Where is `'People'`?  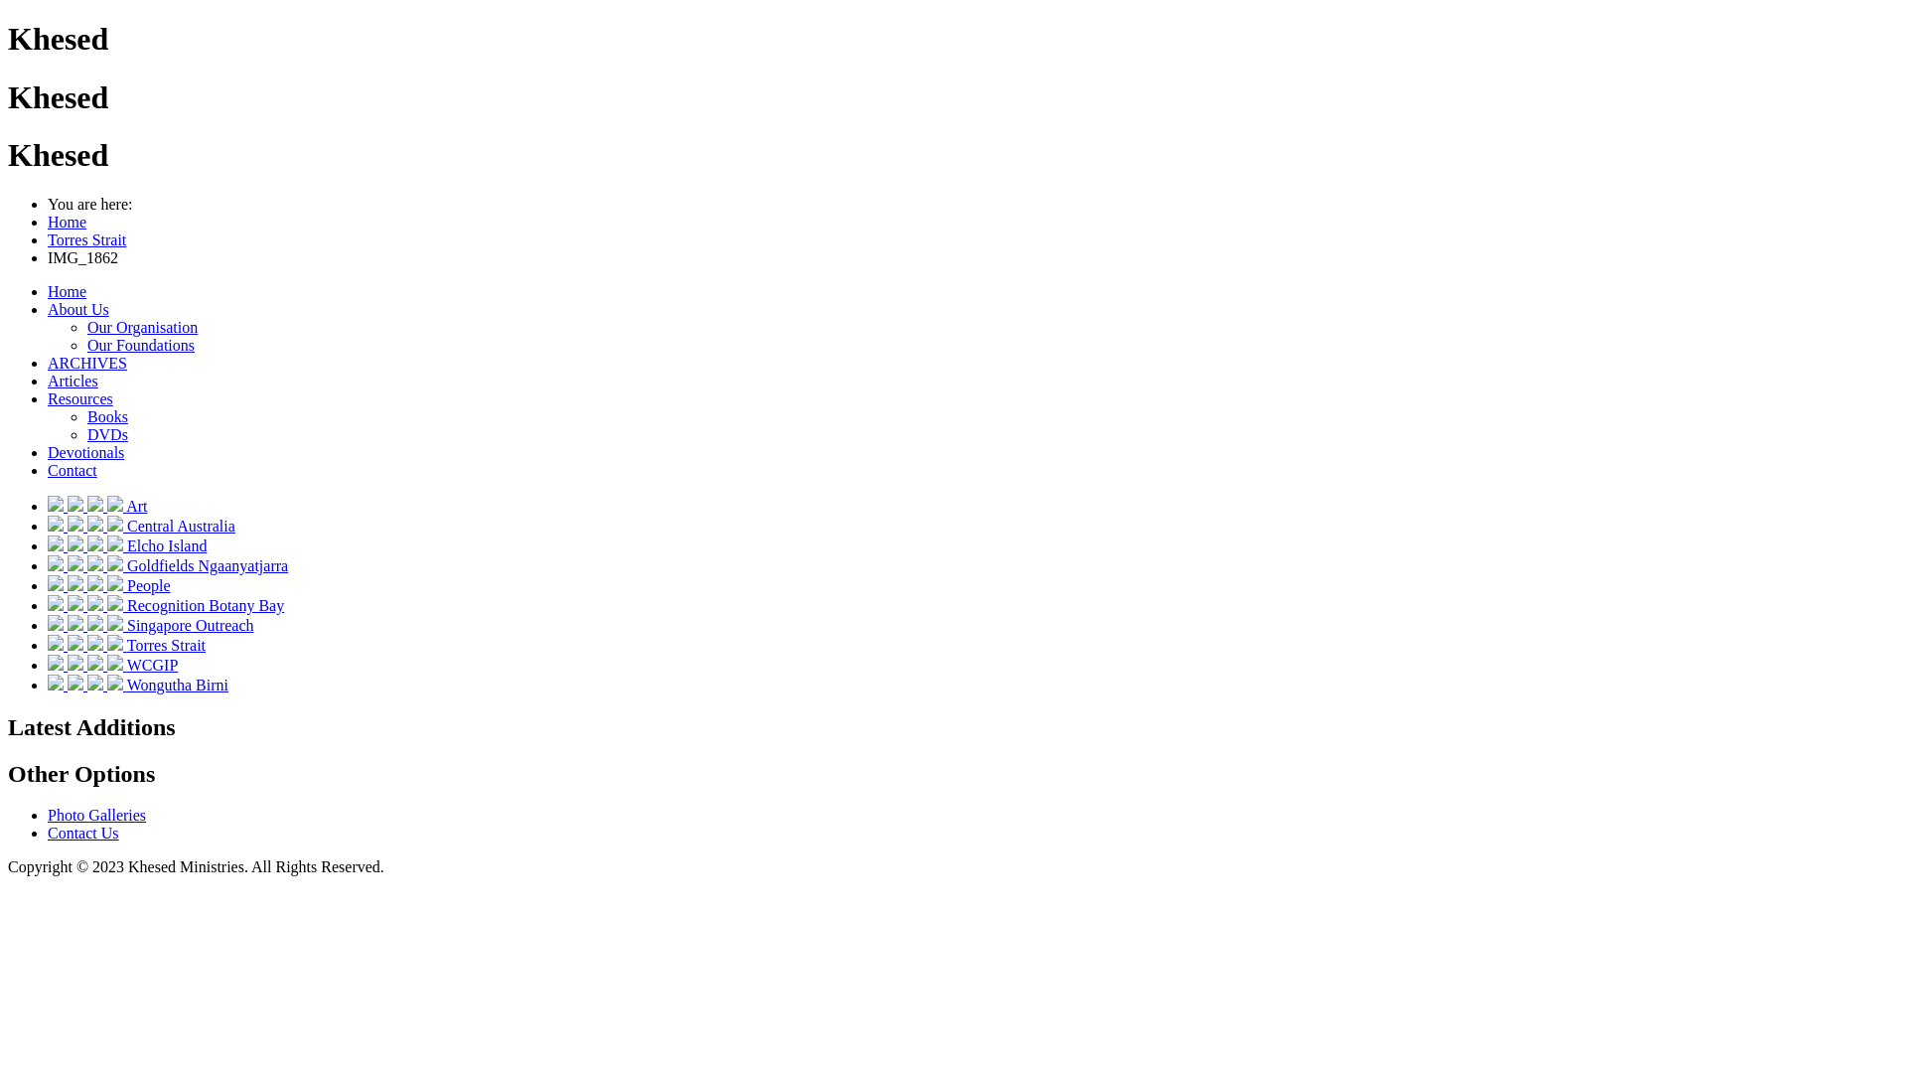
'People' is located at coordinates (147, 584).